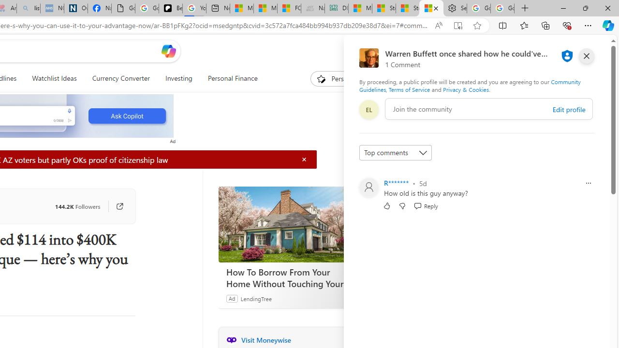 The width and height of the screenshot is (619, 348). I want to click on 'Hide', so click(304, 159).